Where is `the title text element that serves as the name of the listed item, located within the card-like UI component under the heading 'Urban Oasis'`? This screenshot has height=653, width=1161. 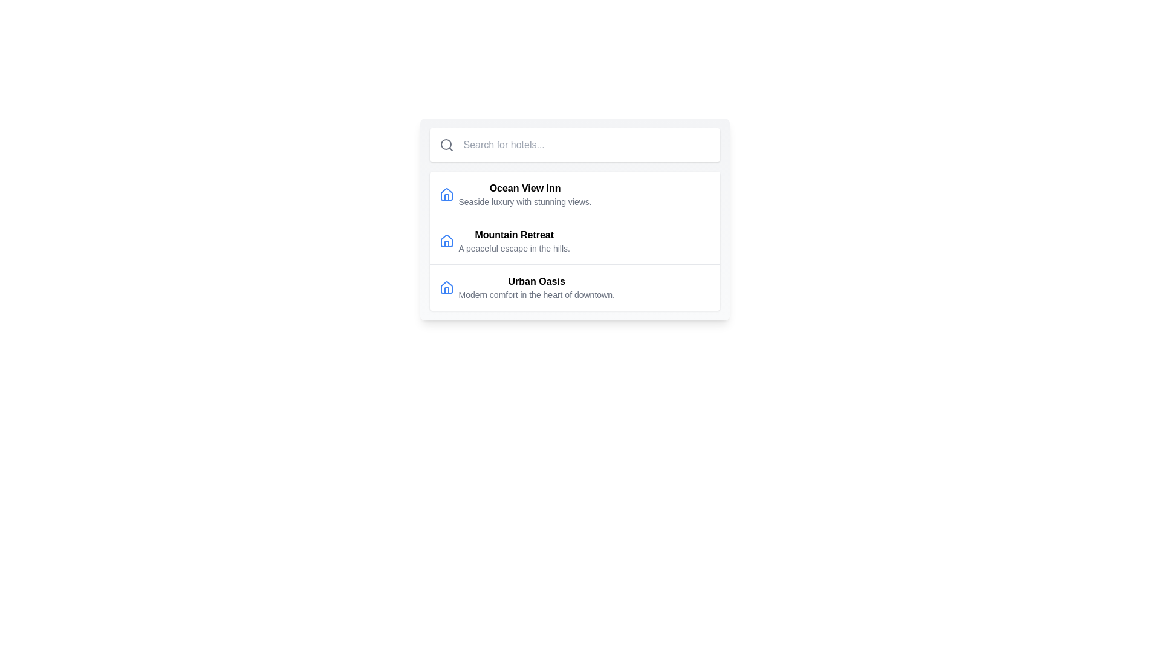 the title text element that serves as the name of the listed item, located within the card-like UI component under the heading 'Urban Oasis' is located at coordinates (536, 282).